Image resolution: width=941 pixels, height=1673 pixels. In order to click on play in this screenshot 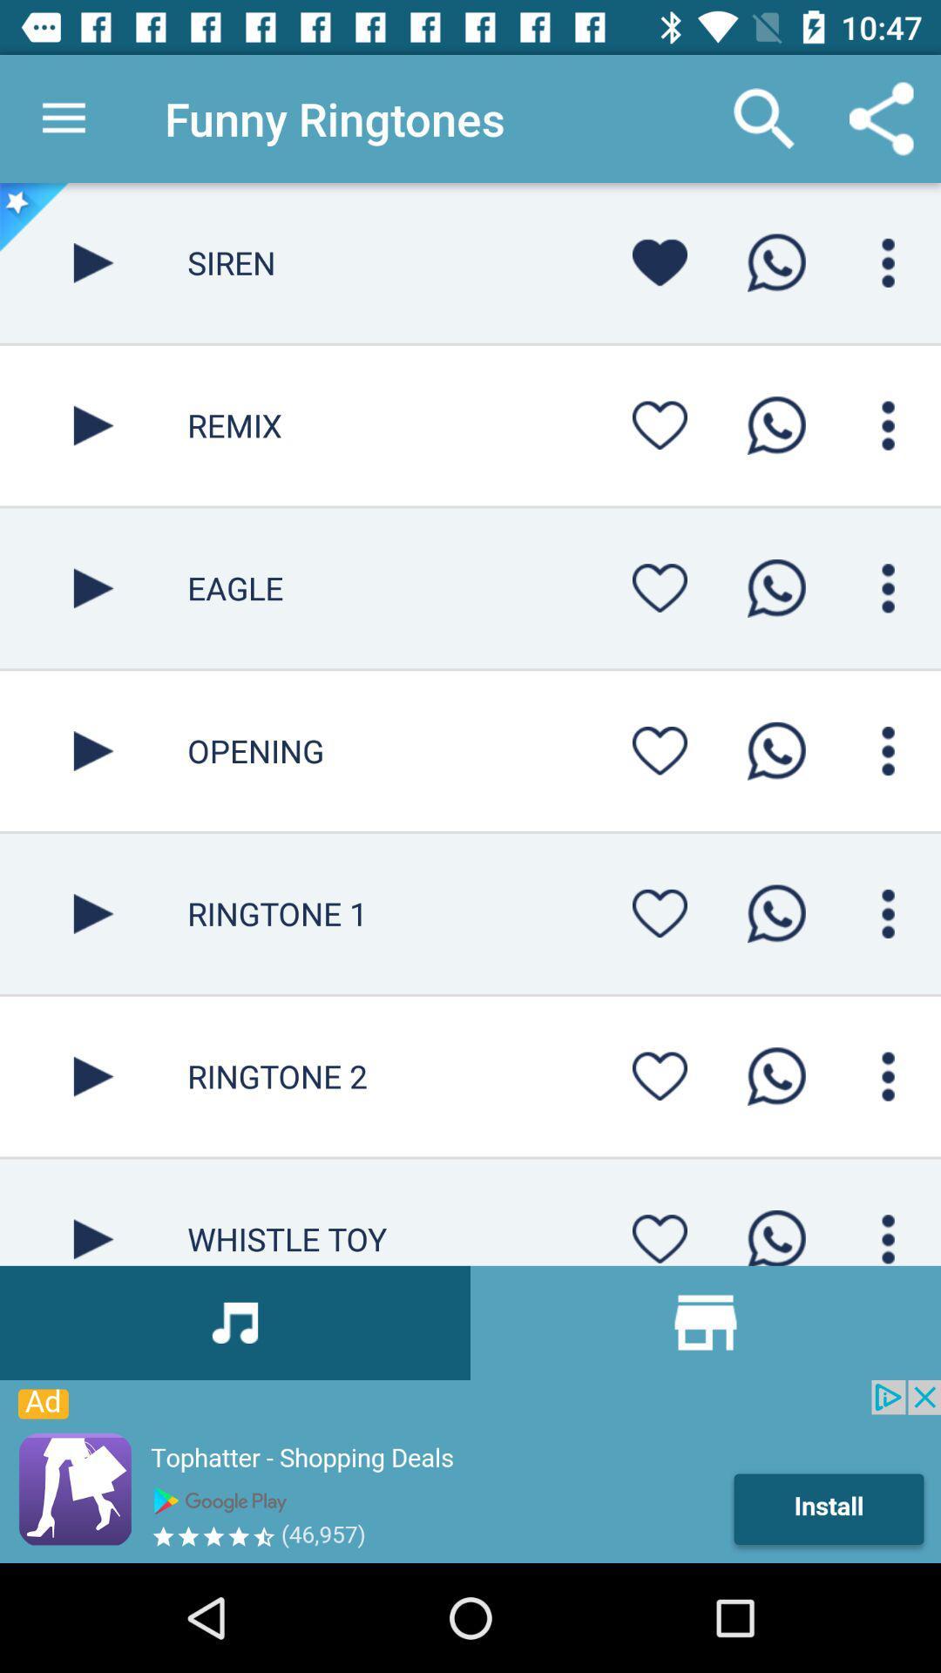, I will do `click(93, 912)`.